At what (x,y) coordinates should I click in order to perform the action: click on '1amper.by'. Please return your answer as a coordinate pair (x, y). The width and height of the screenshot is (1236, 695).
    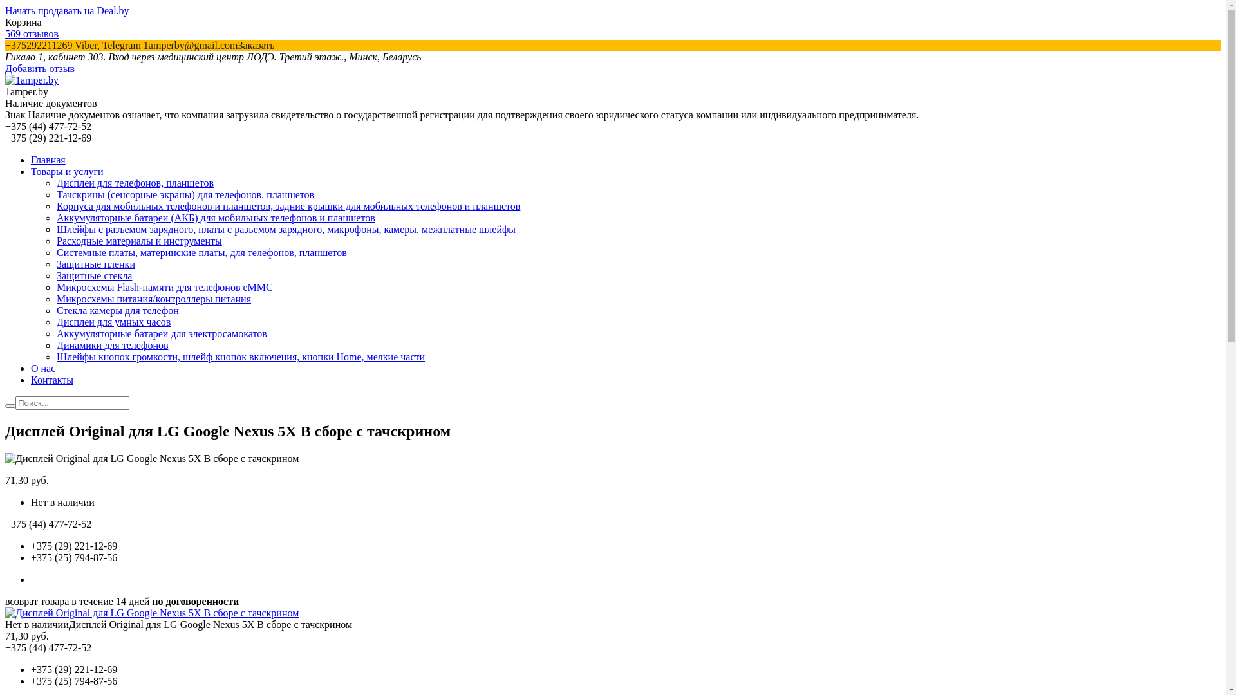
    Looking at the image, I should click on (32, 80).